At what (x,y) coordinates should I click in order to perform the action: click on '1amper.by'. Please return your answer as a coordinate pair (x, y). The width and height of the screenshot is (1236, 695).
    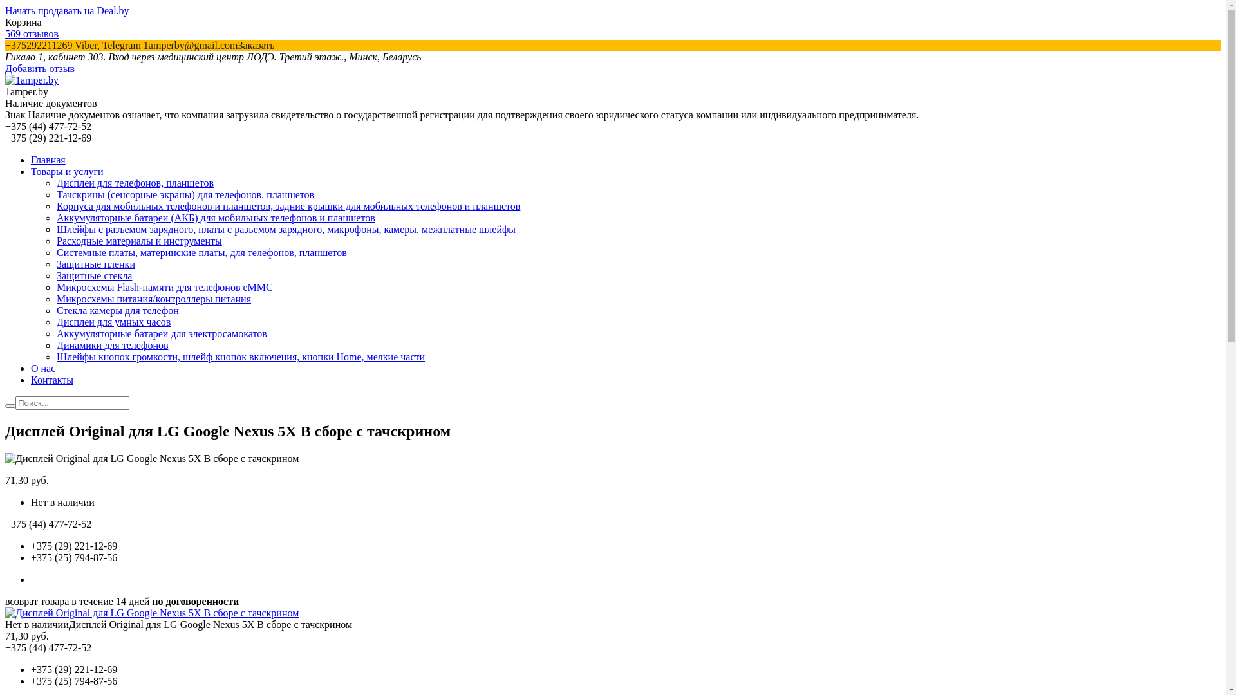
    Looking at the image, I should click on (32, 80).